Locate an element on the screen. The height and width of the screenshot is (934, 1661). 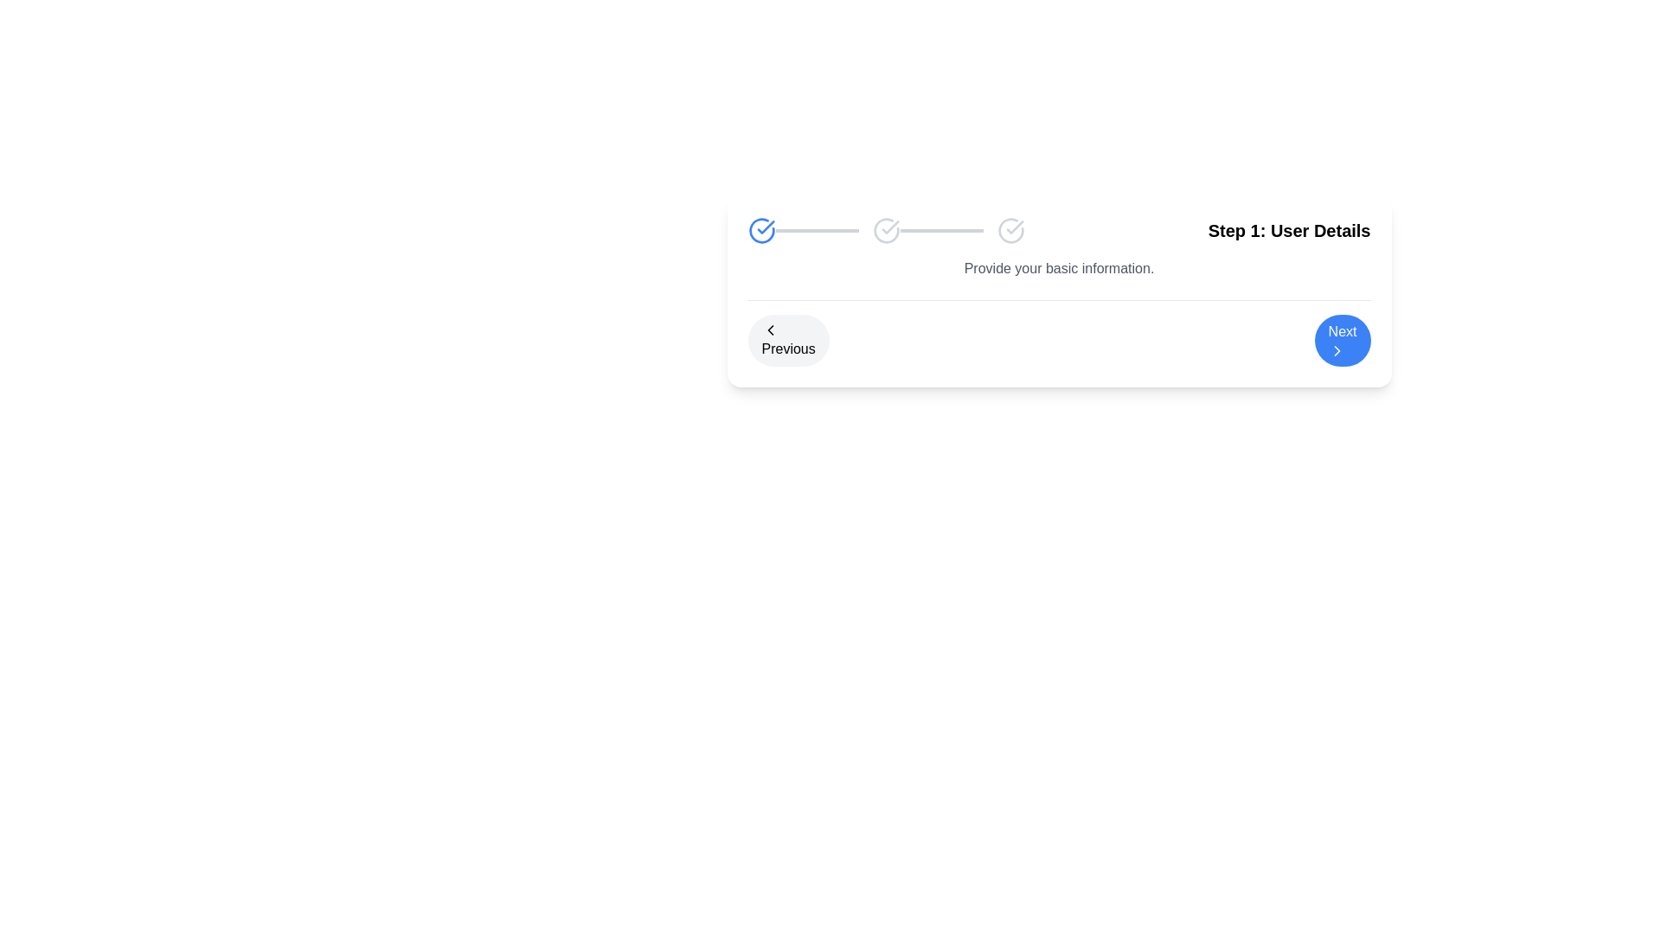
the chevron-left icon, which is part of the 'Previous' navigation button located at the bottom-left corner of the interface is located at coordinates (769, 329).